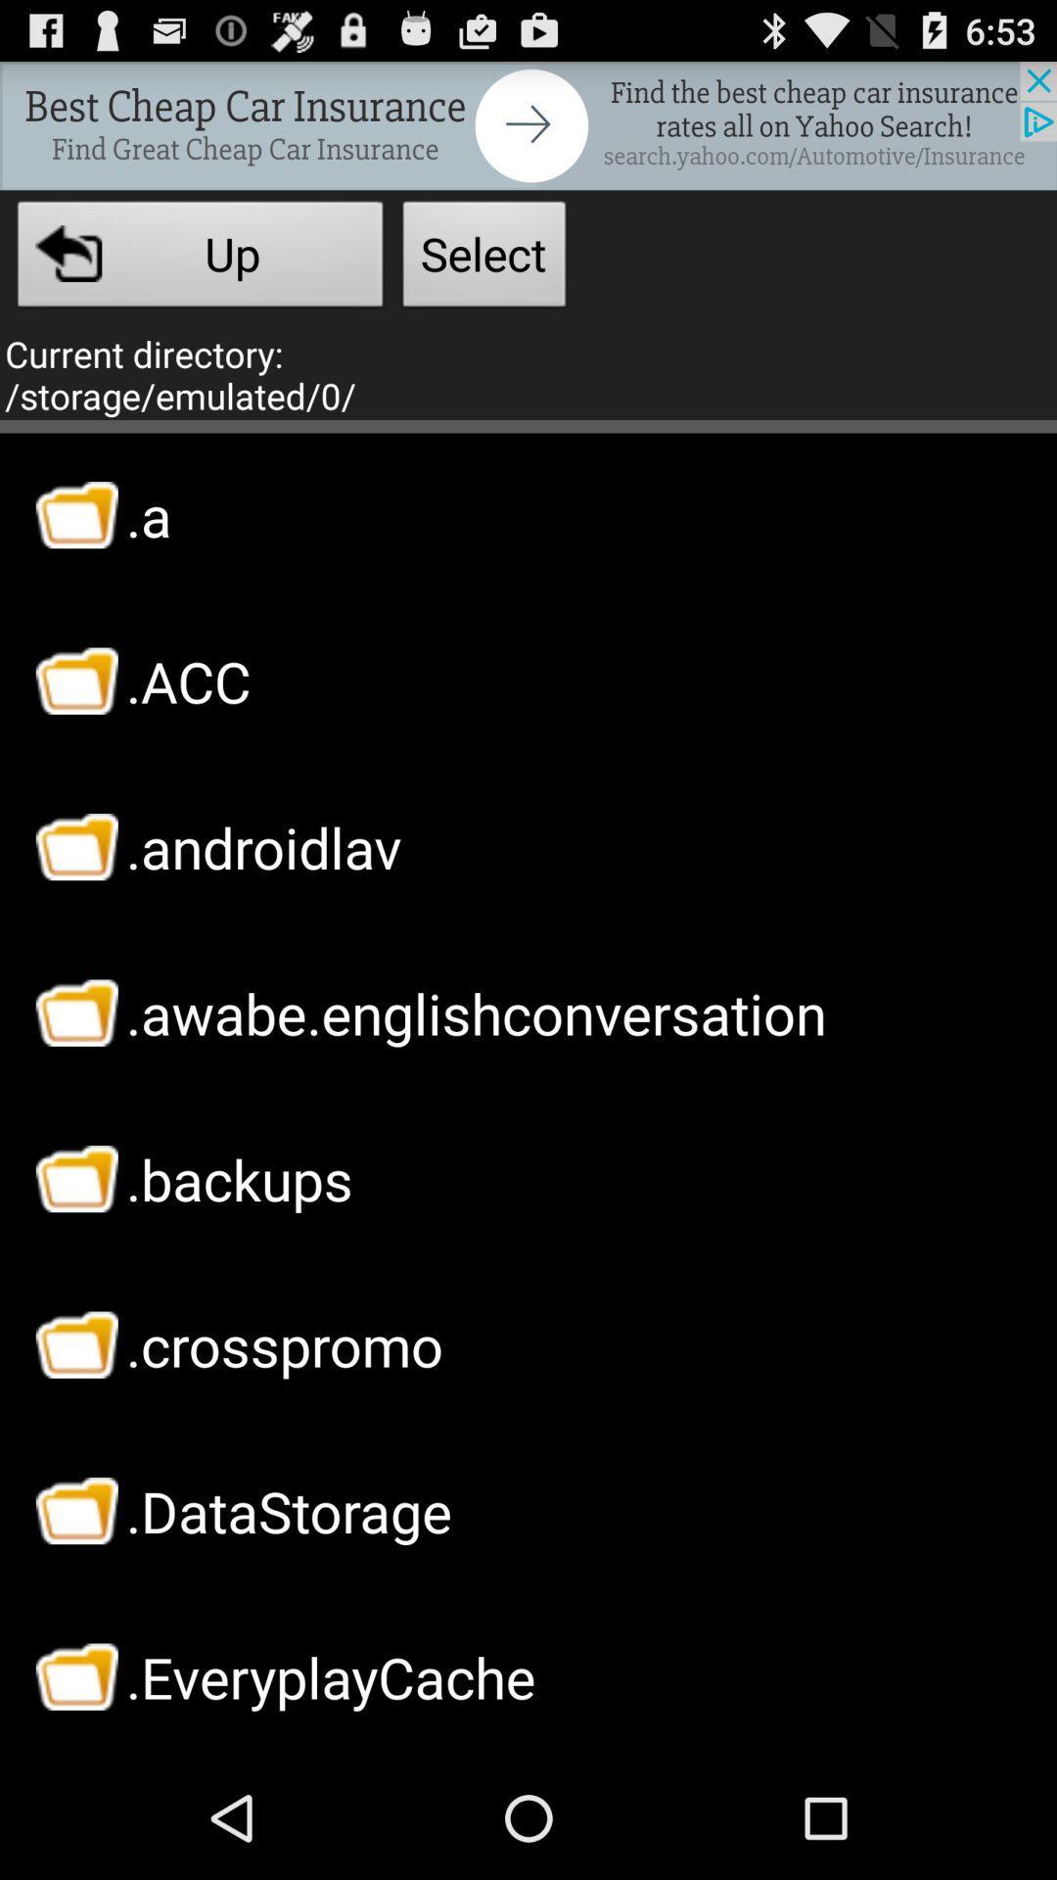 This screenshot has height=1880, width=1057. I want to click on website, so click(528, 124).